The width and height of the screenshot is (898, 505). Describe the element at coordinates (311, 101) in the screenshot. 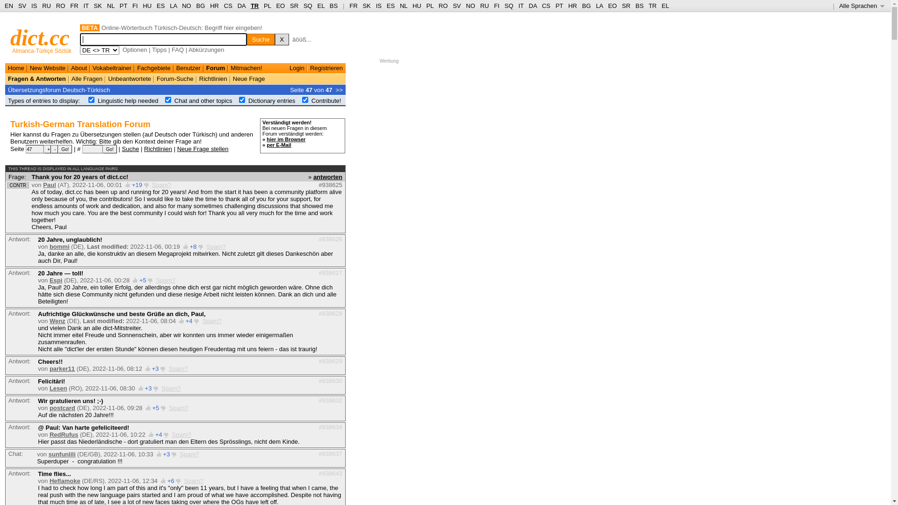

I see `'Contribute!'` at that location.